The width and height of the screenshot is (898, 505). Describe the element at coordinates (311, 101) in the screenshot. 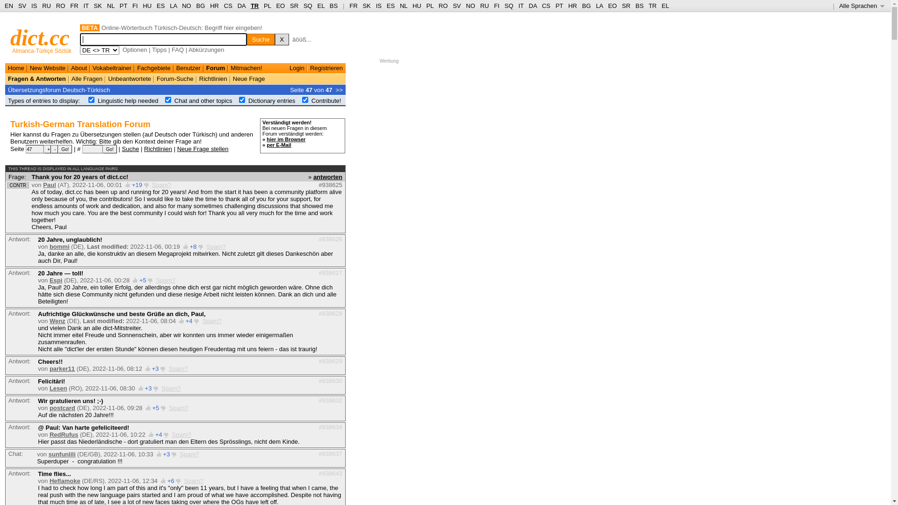

I see `'Contribute!'` at that location.